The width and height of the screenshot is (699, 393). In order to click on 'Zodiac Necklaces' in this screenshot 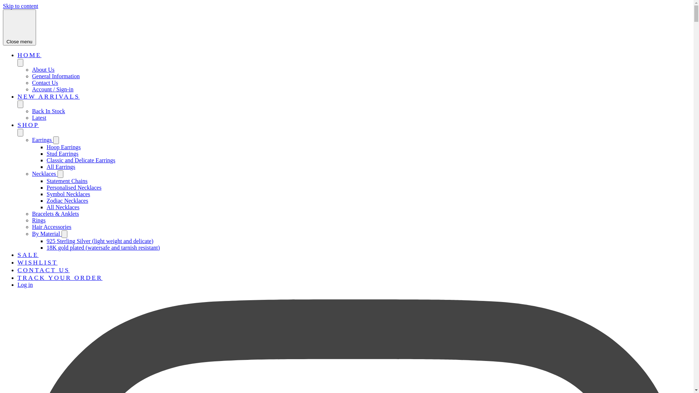, I will do `click(46, 201)`.